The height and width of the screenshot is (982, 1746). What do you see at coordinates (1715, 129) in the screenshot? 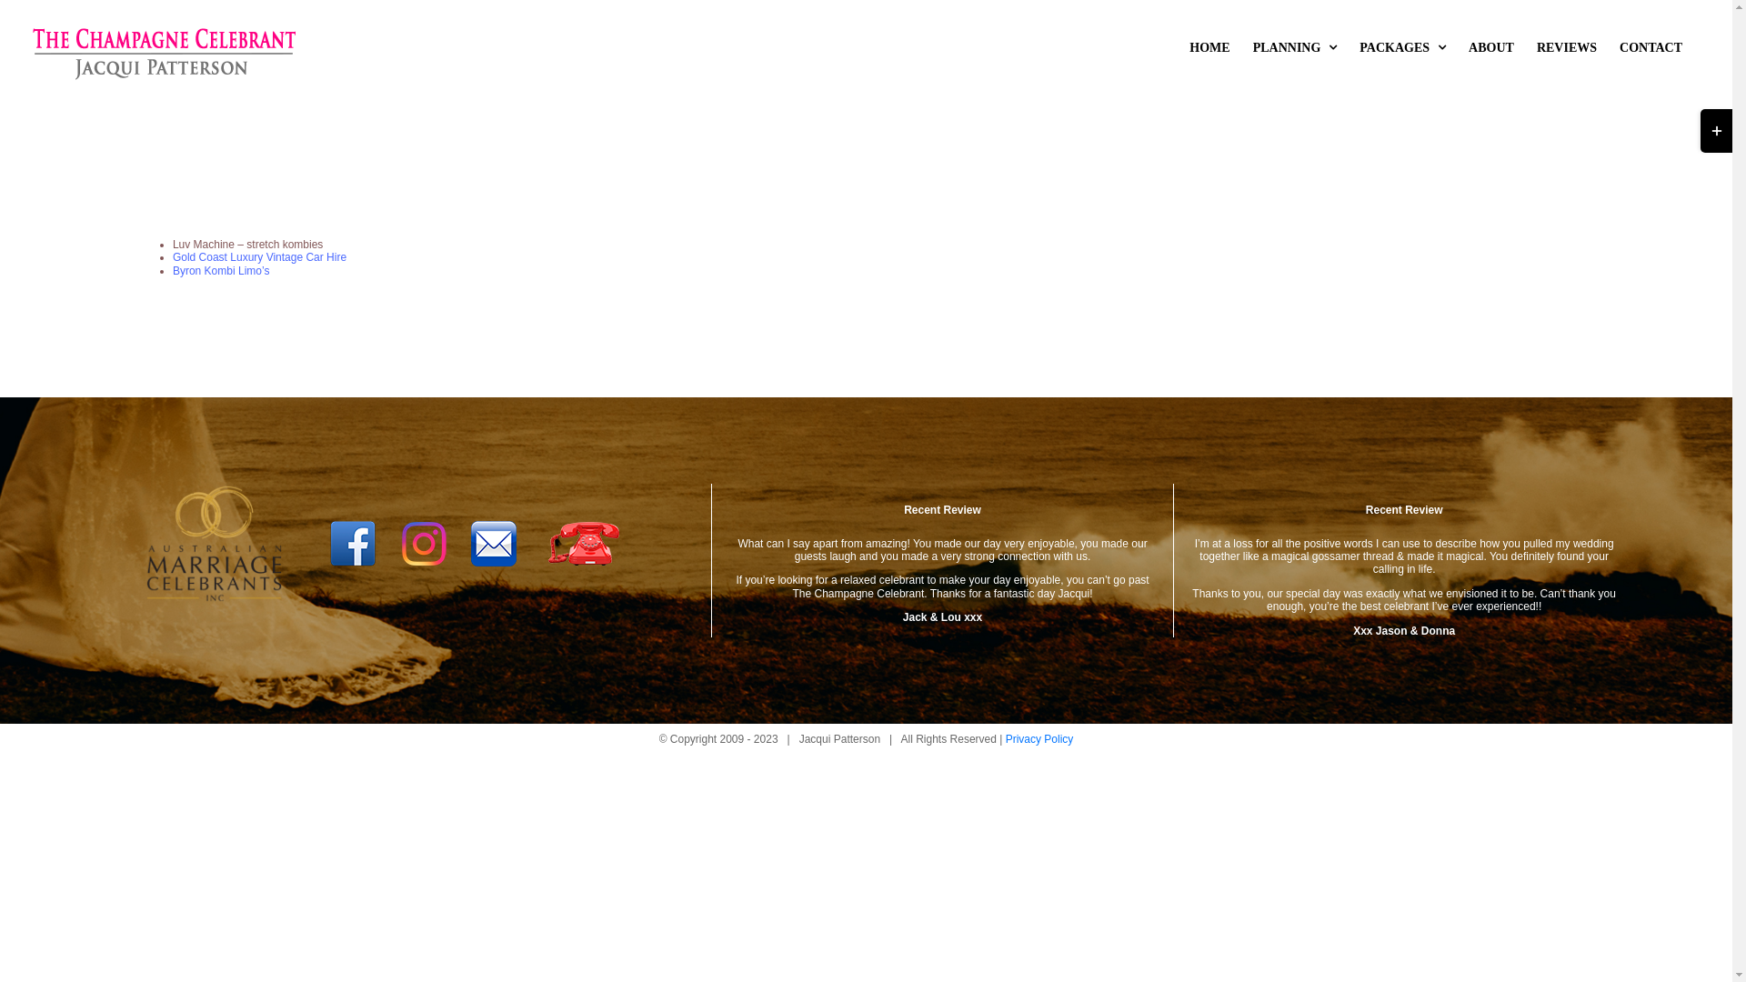
I see `'Toggle Sliding Bar Area'` at bounding box center [1715, 129].